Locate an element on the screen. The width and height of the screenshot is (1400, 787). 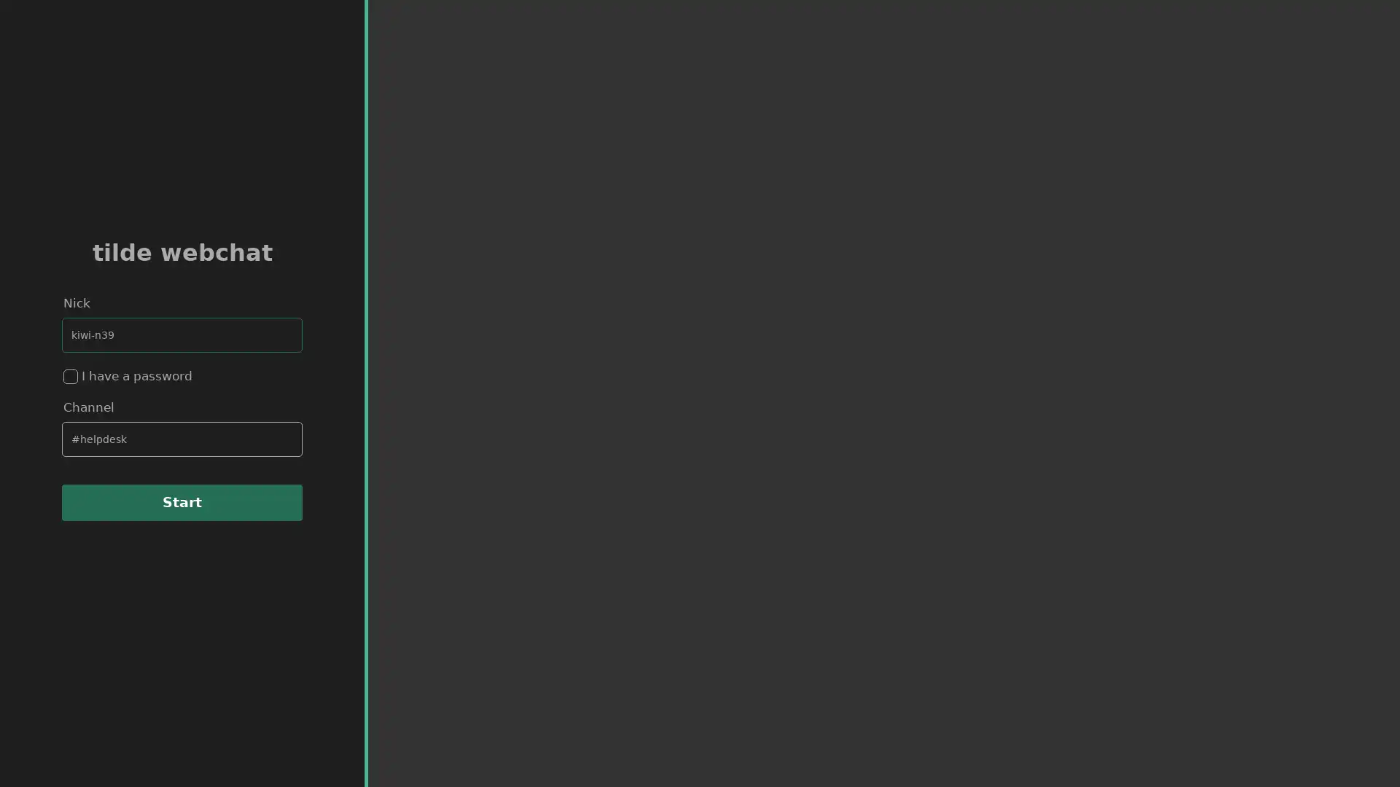
Start is located at coordinates (181, 501).